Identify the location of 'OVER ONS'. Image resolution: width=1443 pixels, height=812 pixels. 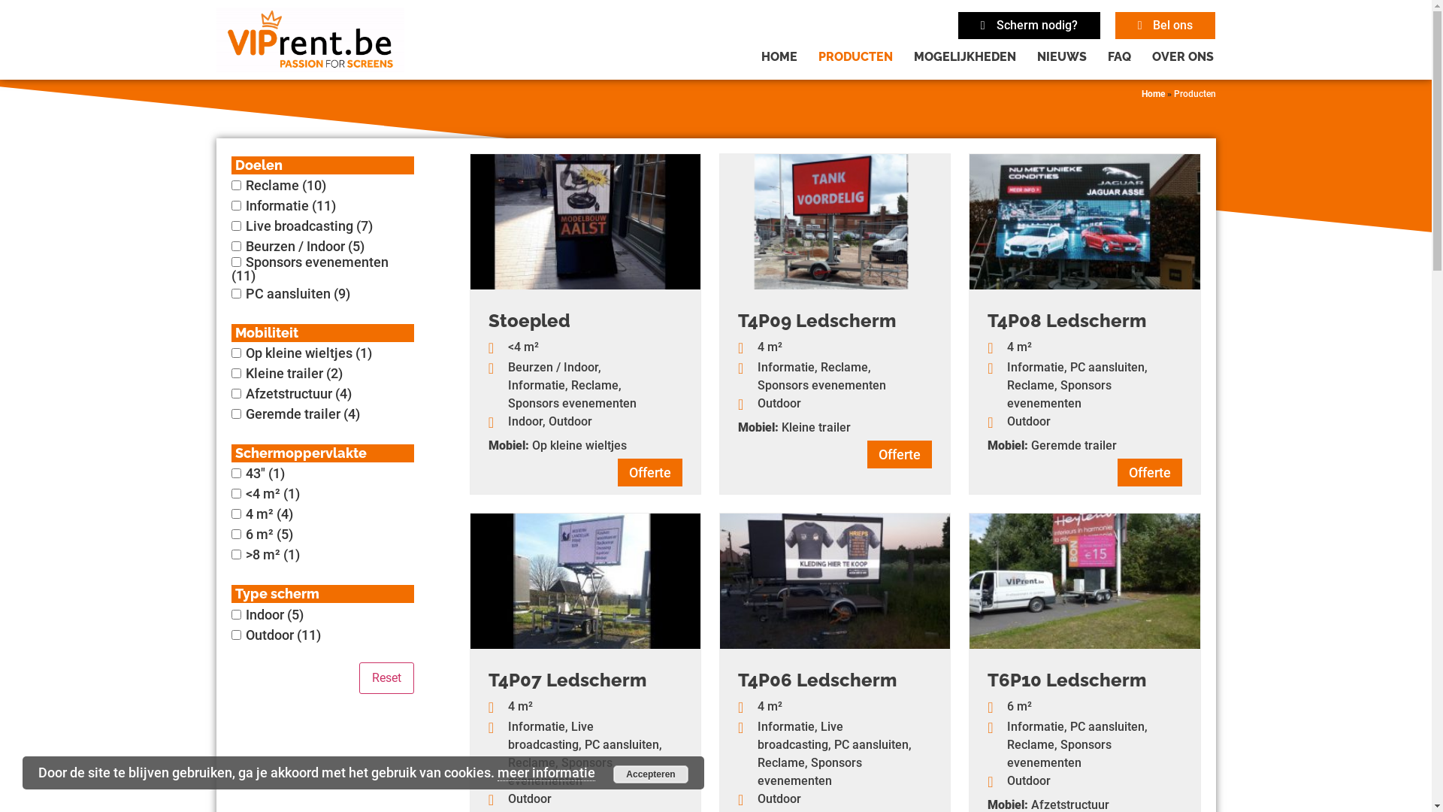
(1150, 56).